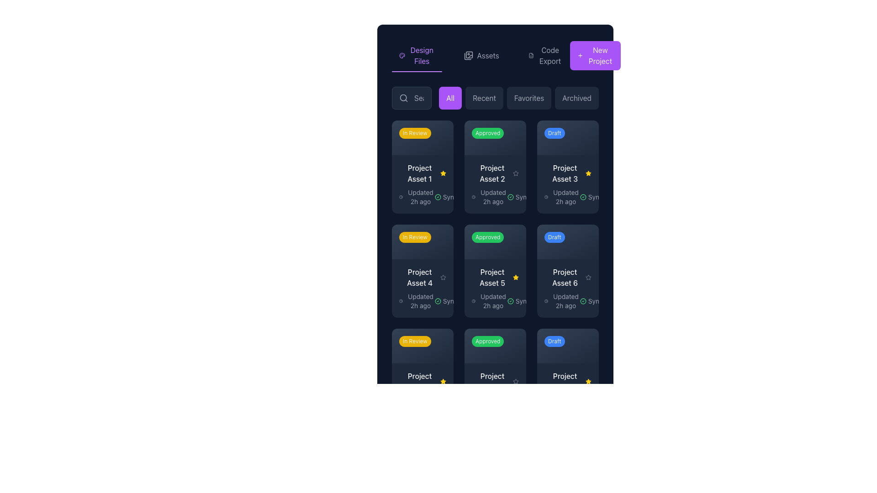  Describe the element at coordinates (588, 173) in the screenshot. I see `the star icon indicating the favorite or featured status of 'Project Asset 3' located in the top-right corner of its card` at that location.